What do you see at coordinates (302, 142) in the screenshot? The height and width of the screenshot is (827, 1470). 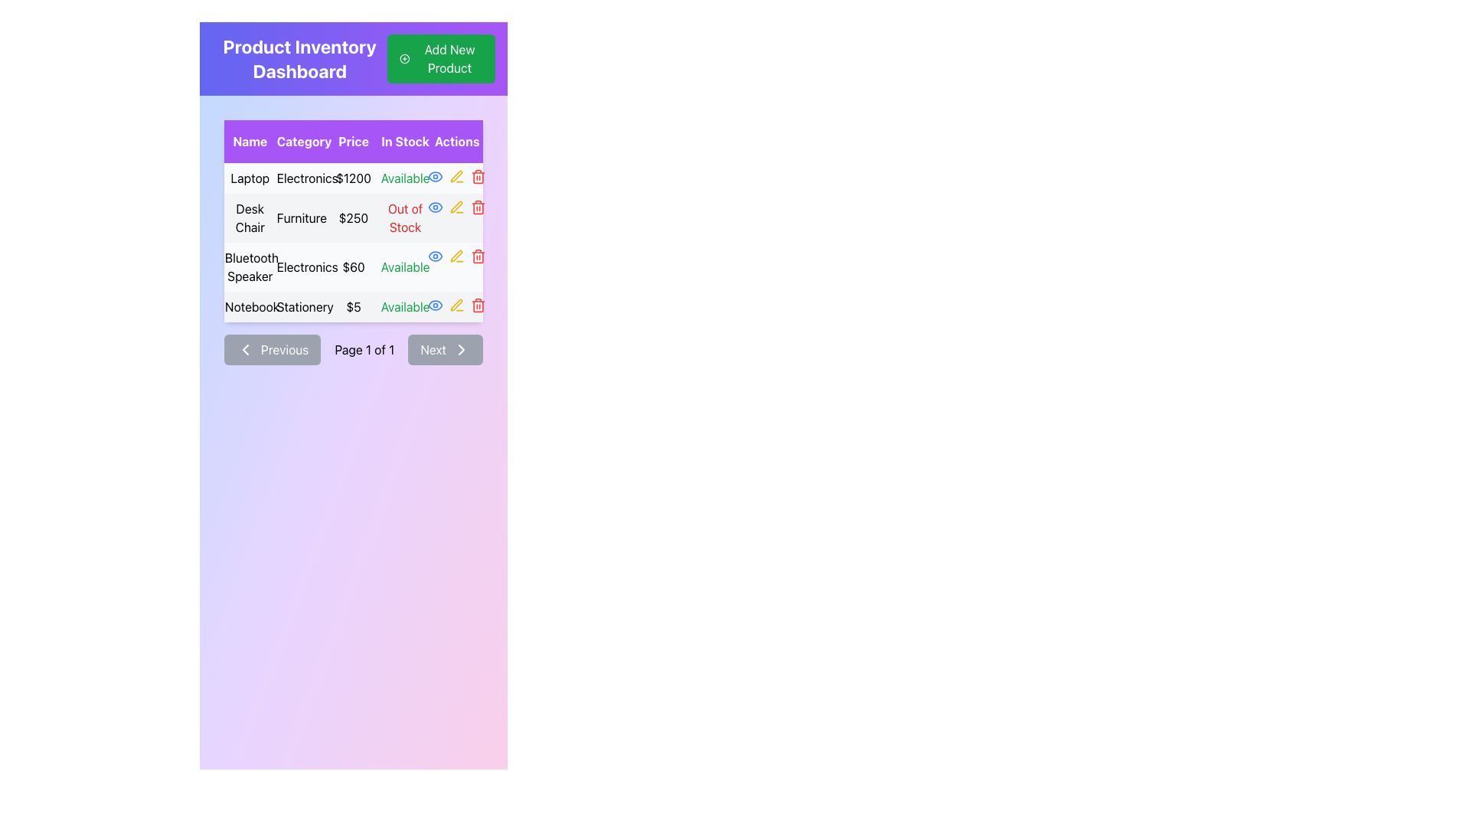 I see `the header label indicating 'Category', which is the second item in the row of headers, positioned between 'Name' and 'Price'` at bounding box center [302, 142].